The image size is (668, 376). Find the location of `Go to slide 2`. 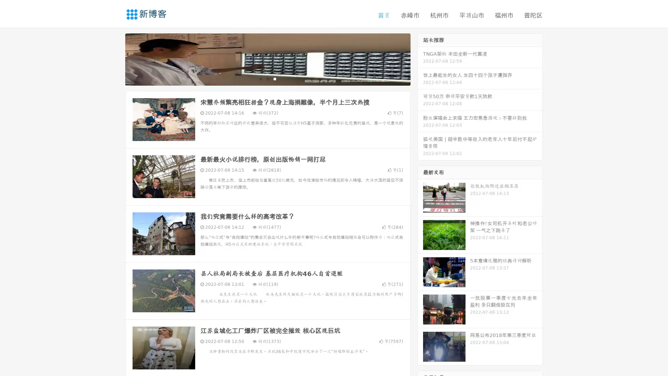

Go to slide 2 is located at coordinates (267, 78).